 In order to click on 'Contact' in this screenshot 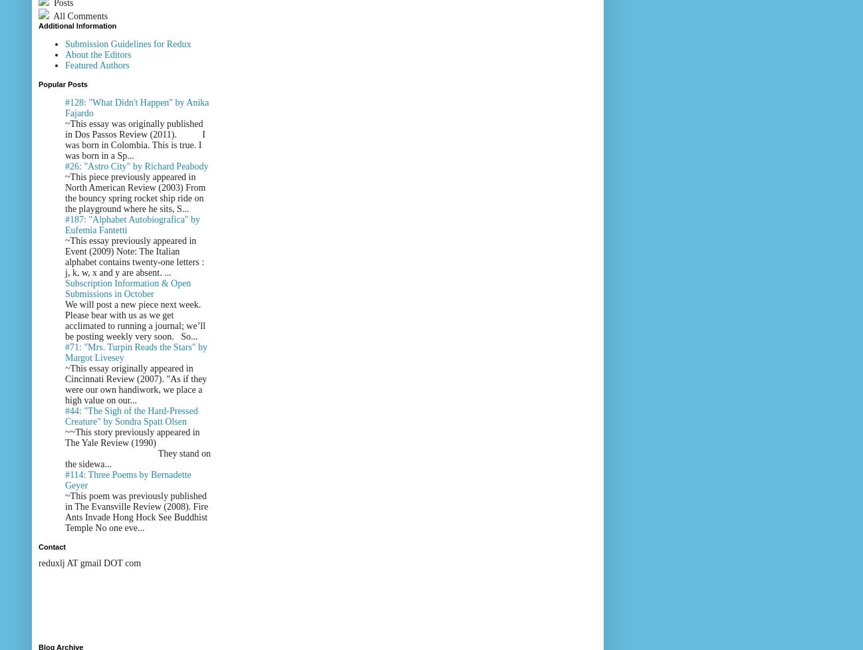, I will do `click(52, 546)`.